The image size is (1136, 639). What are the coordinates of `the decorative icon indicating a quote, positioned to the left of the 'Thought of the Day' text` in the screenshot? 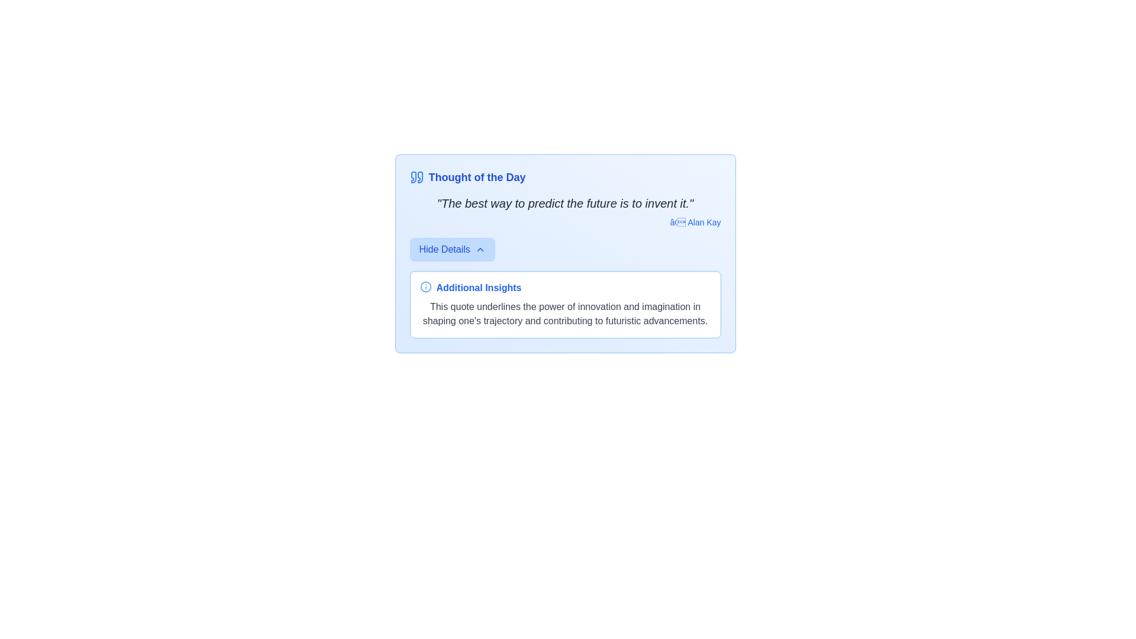 It's located at (417, 177).